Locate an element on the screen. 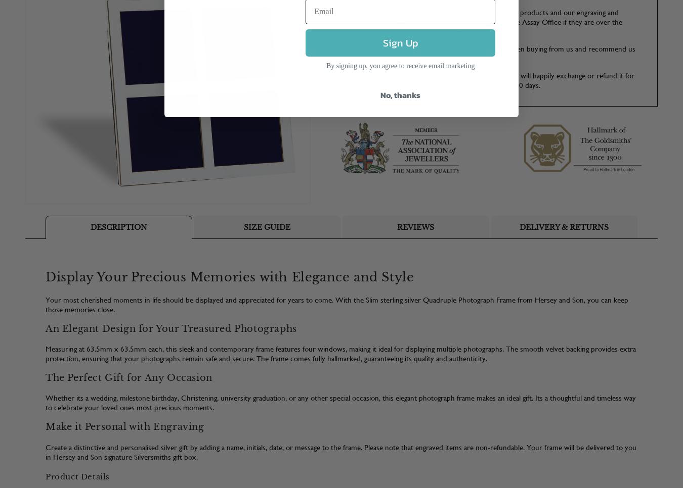 The height and width of the screenshot is (488, 683). 'If for any reason you are not pleased with your order we will happily exchange or refund it for you if in its original condition and returned to us within 30 days.' is located at coordinates (487, 80).